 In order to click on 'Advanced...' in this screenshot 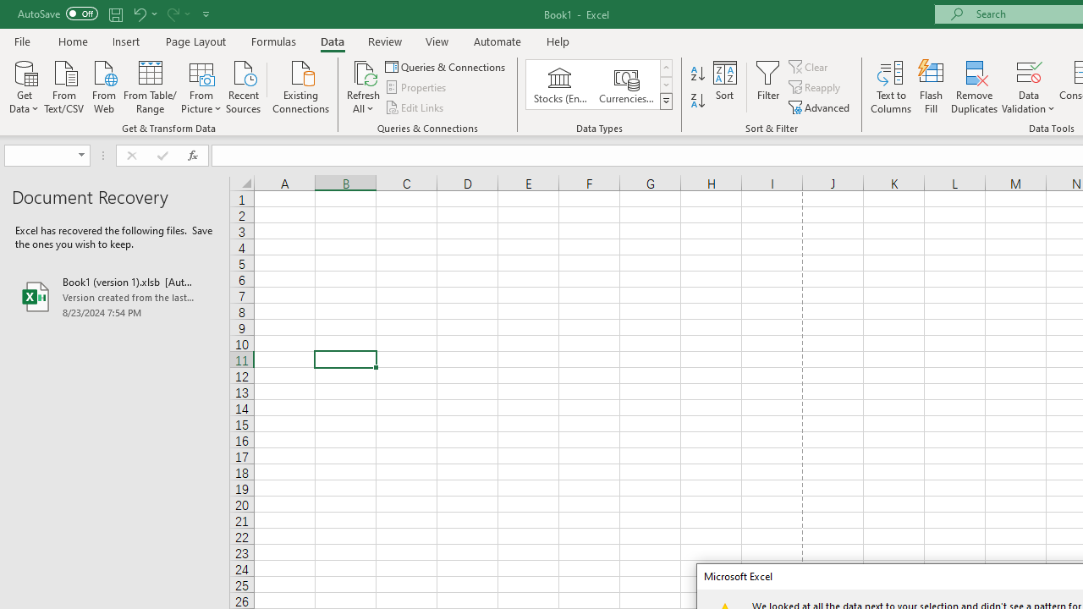, I will do `click(821, 107)`.